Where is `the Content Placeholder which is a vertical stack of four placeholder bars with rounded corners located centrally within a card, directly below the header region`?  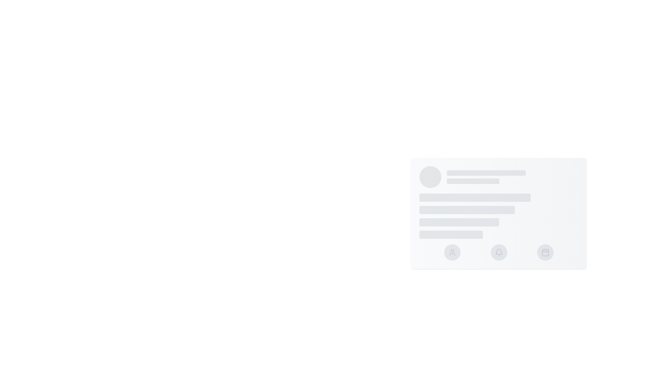 the Content Placeholder which is a vertical stack of four placeholder bars with rounded corners located centrally within a card, directly below the header region is located at coordinates (499, 216).